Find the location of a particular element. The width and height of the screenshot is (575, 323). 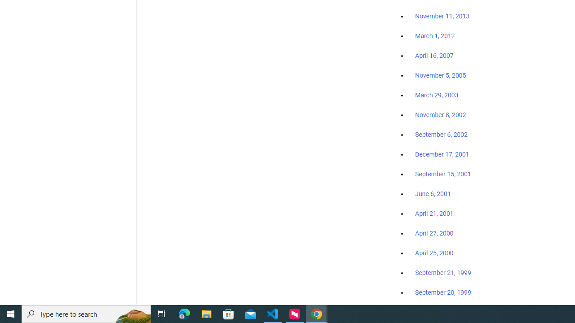

'November 5, 2005' is located at coordinates (441, 75).